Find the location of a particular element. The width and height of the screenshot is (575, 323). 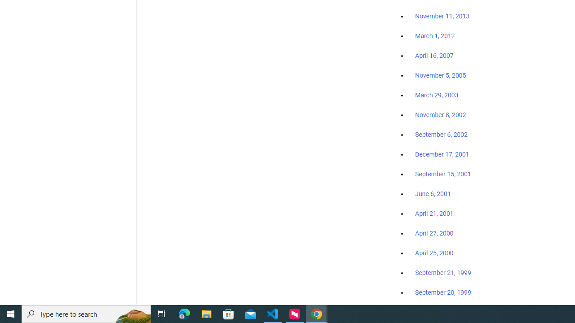

'November 5, 2005' is located at coordinates (441, 75).